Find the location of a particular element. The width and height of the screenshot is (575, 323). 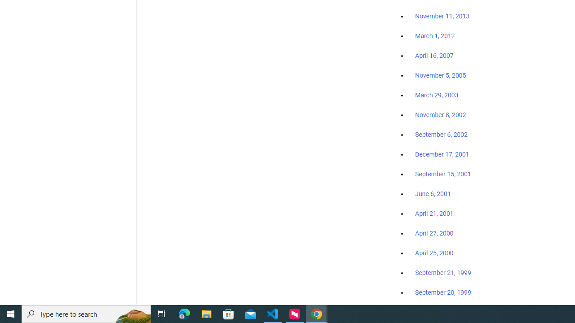

'November 5, 2005' is located at coordinates (441, 75).